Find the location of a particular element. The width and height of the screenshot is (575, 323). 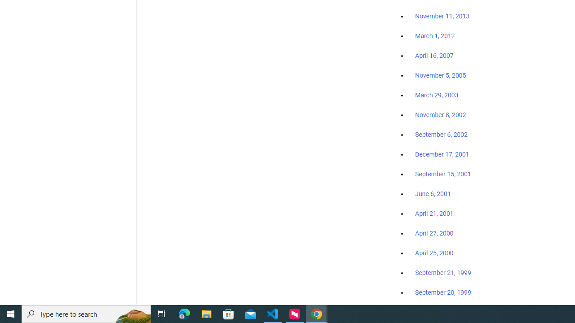

'November 5, 2005' is located at coordinates (441, 75).